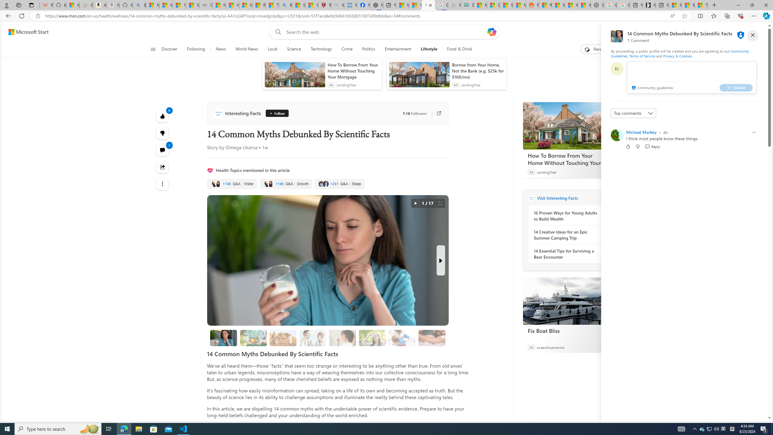 Image resolution: width=773 pixels, height=435 pixels. What do you see at coordinates (628, 146) in the screenshot?
I see `'Like'` at bounding box center [628, 146].